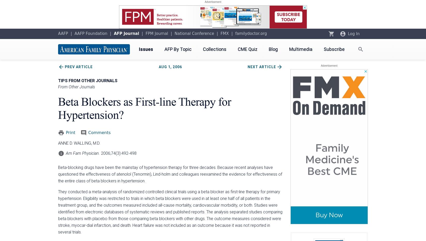  Describe the element at coordinates (329, 156) in the screenshot. I see `'AFP Email Alerts'` at that location.